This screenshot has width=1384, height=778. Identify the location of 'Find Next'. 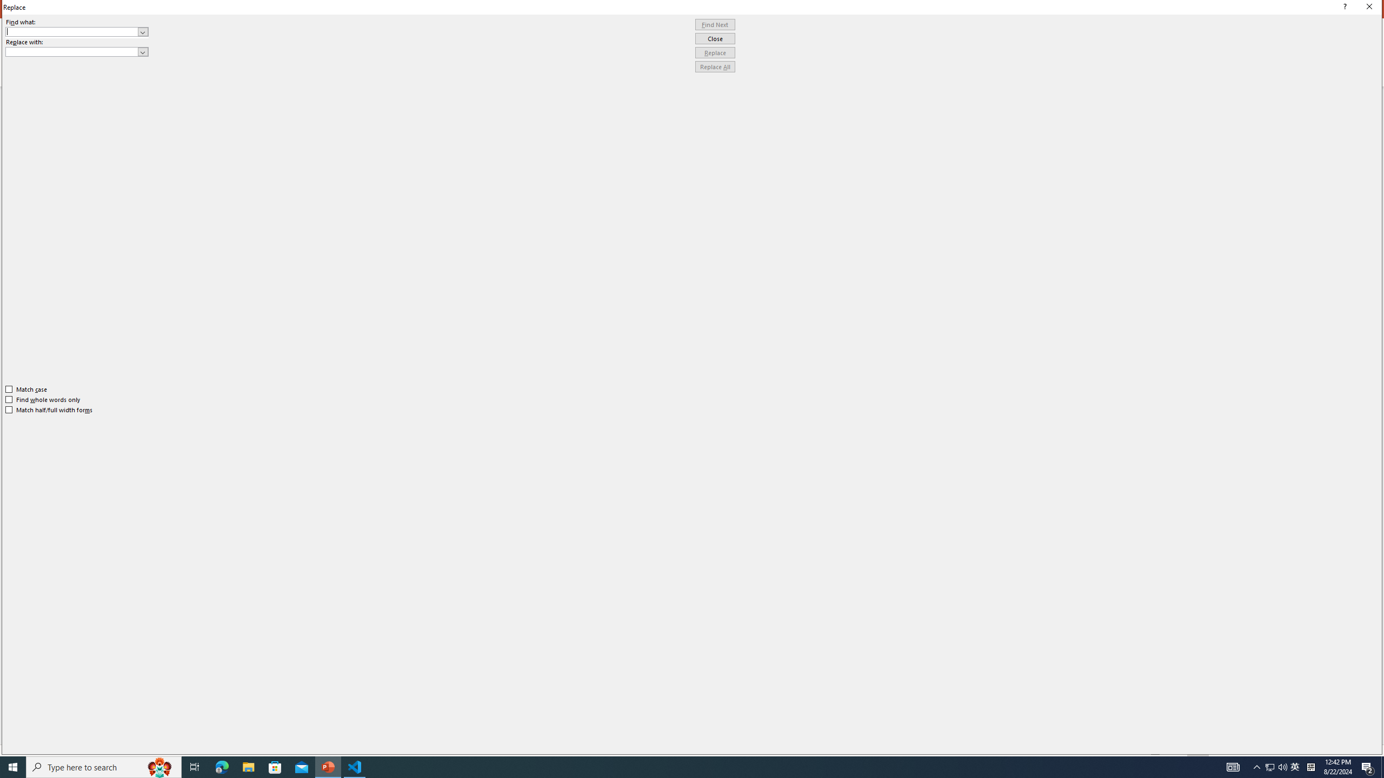
(715, 24).